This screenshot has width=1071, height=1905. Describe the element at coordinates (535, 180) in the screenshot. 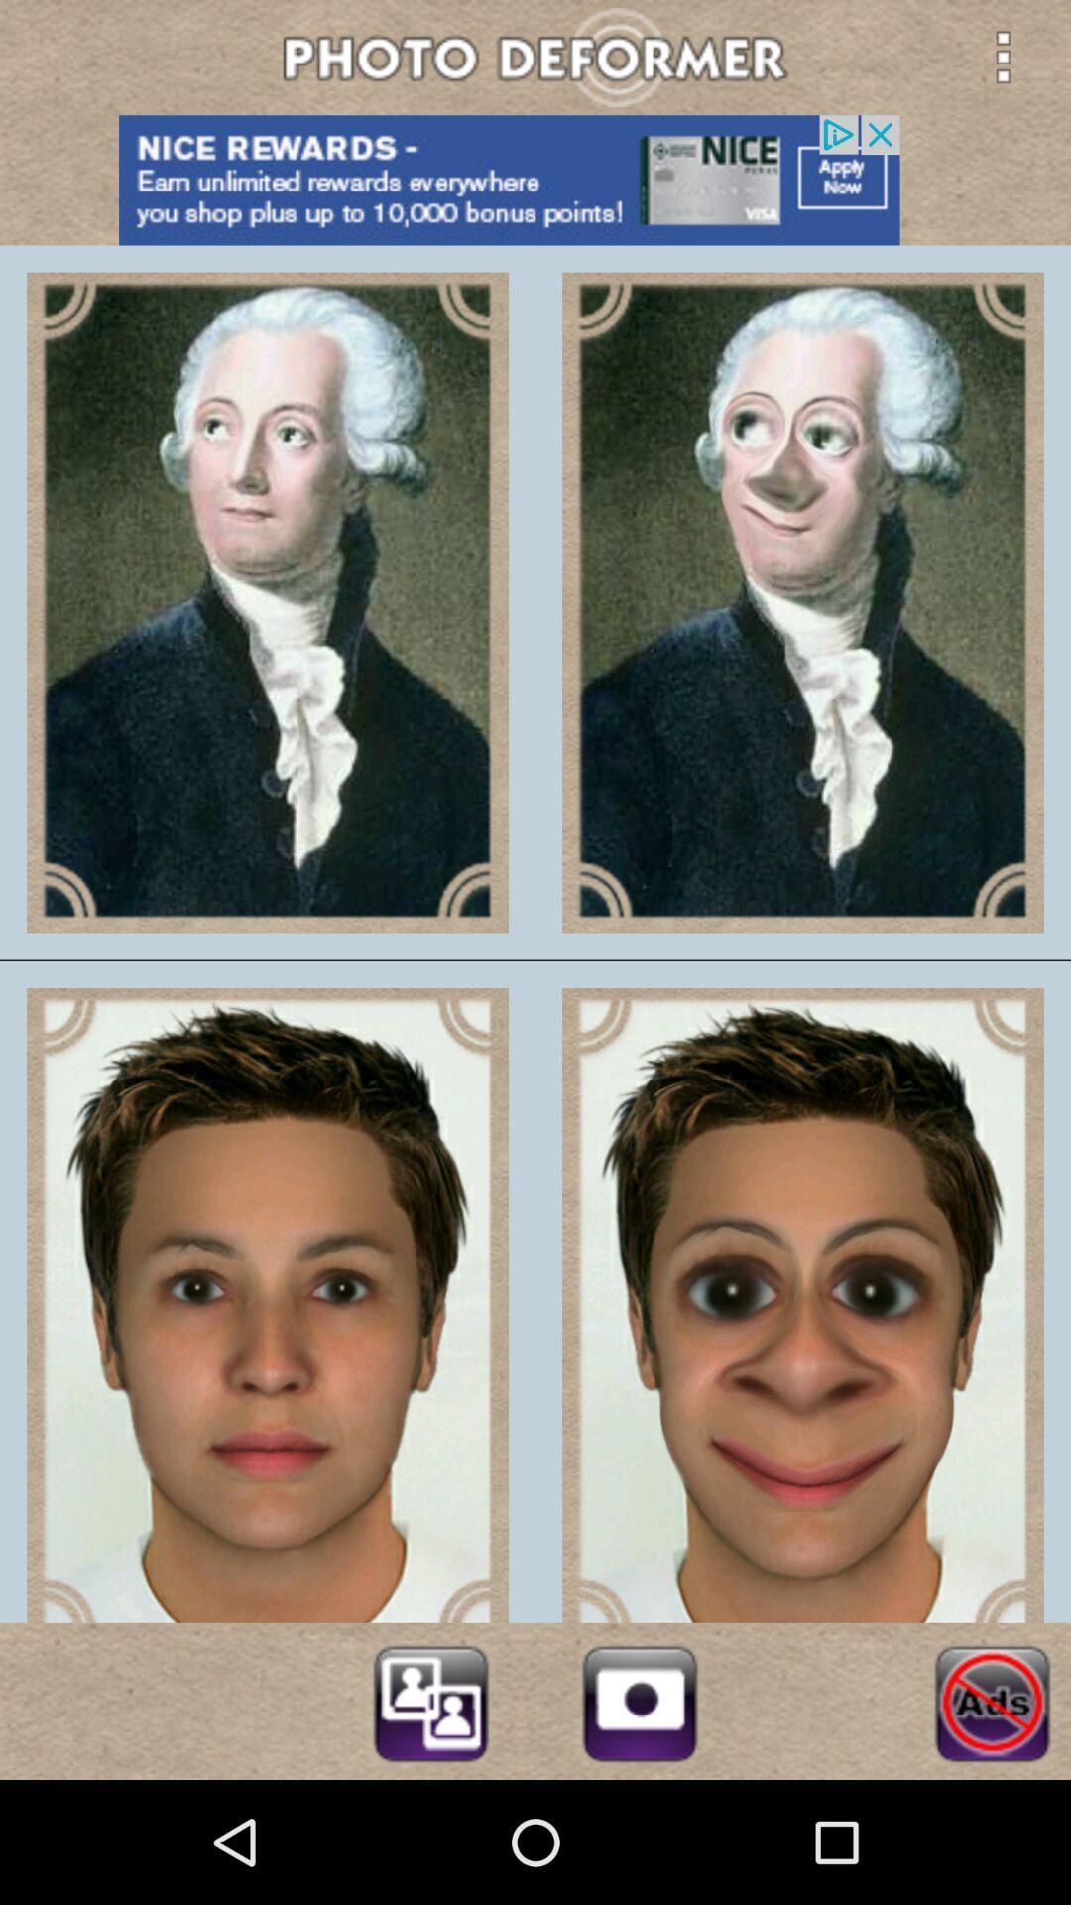

I see `advertisement area` at that location.